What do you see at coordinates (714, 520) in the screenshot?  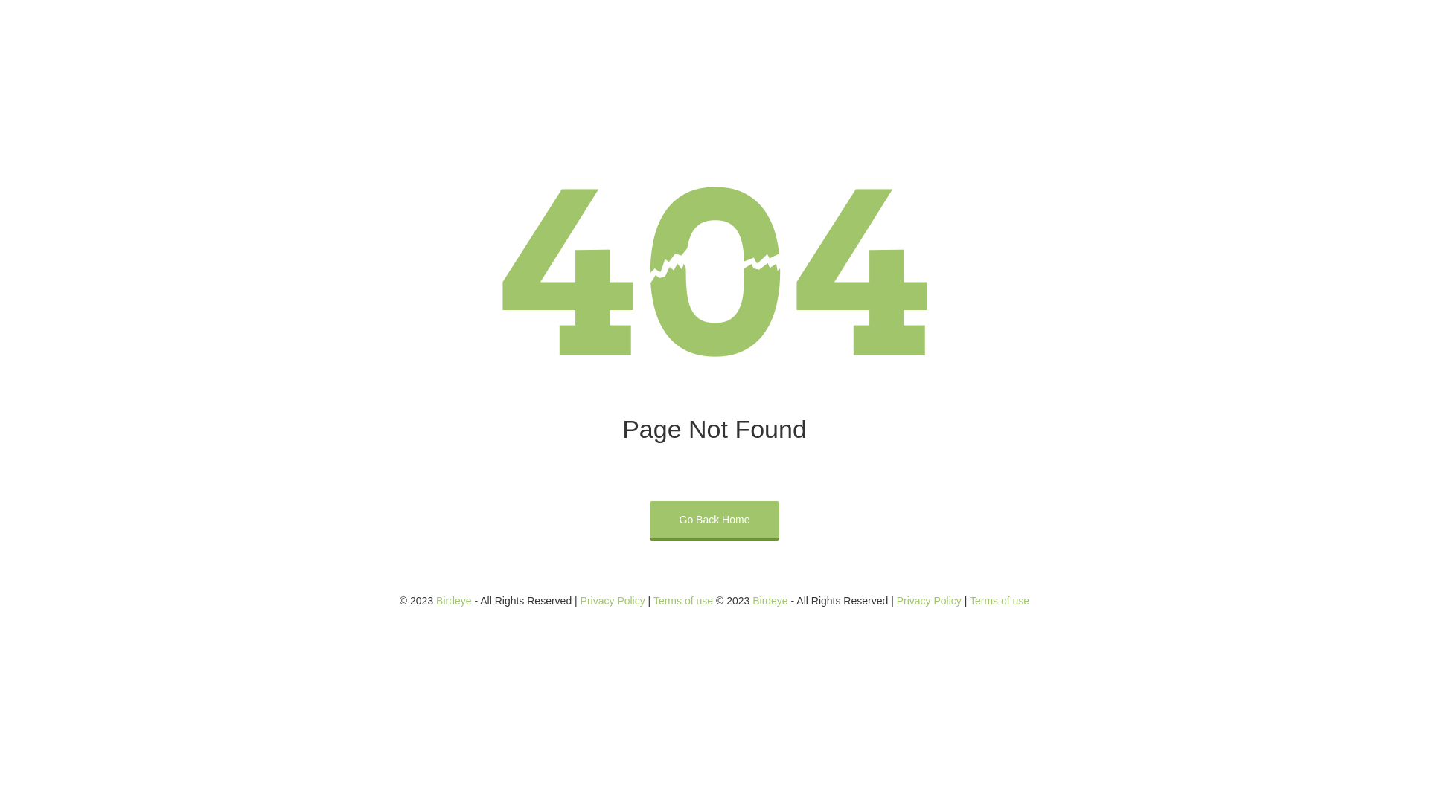 I see `'Go Back Home'` at bounding box center [714, 520].